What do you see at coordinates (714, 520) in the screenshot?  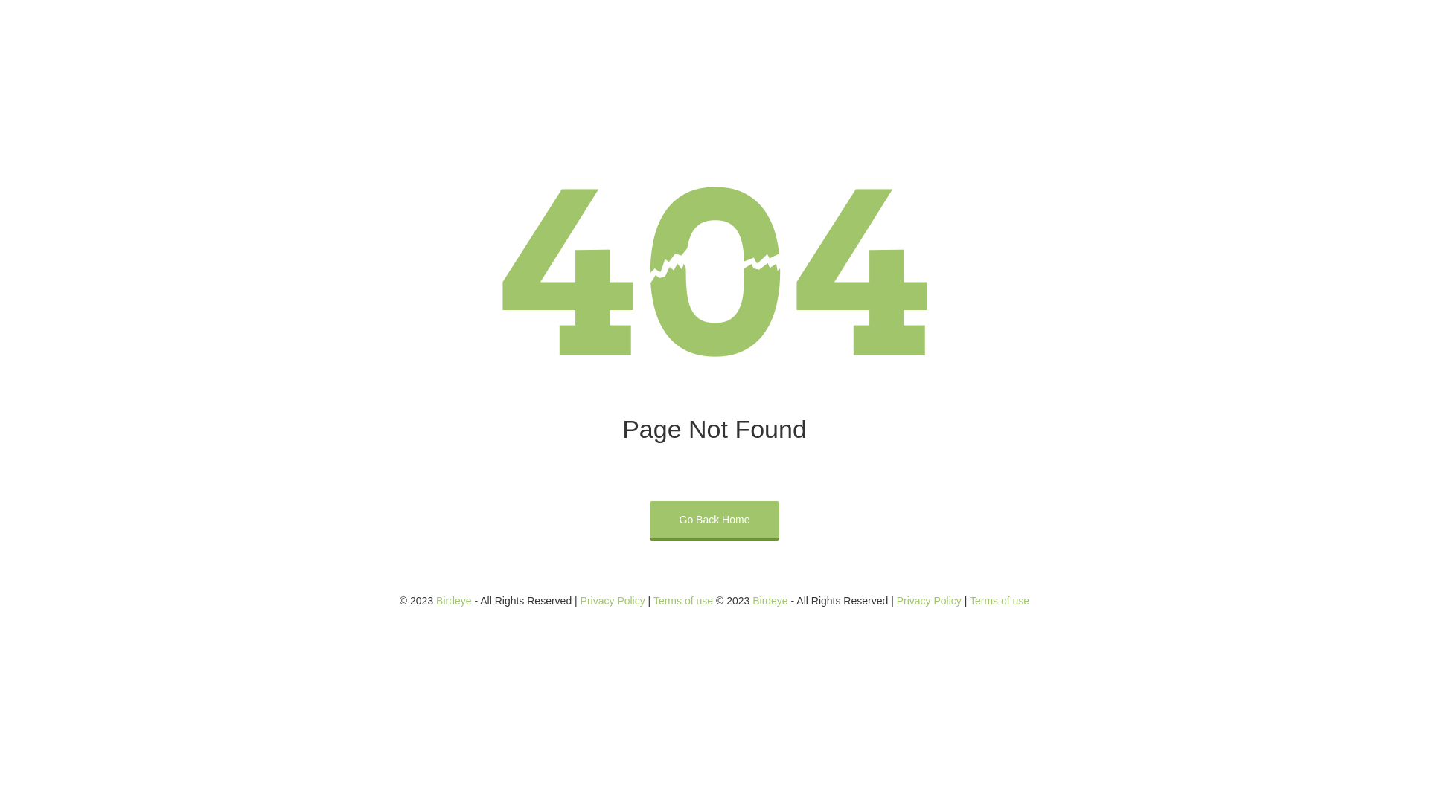 I see `'Go Back Home'` at bounding box center [714, 520].